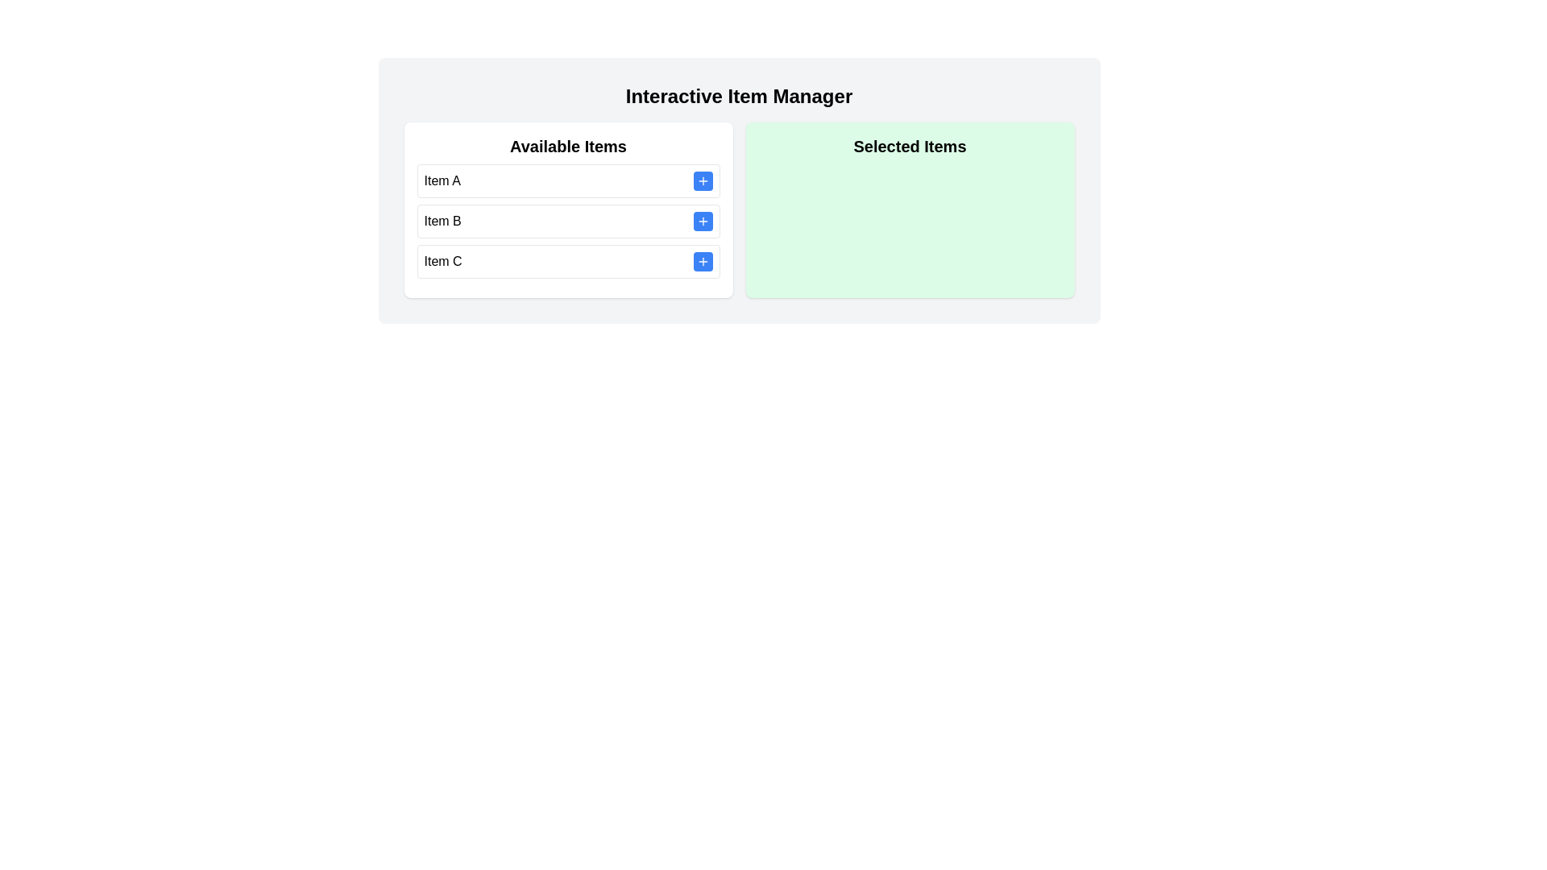  Describe the element at coordinates (738, 96) in the screenshot. I see `the text label displaying 'Interactive Item Manager', which is styled with a bold font and serves as the title of the interface` at that location.